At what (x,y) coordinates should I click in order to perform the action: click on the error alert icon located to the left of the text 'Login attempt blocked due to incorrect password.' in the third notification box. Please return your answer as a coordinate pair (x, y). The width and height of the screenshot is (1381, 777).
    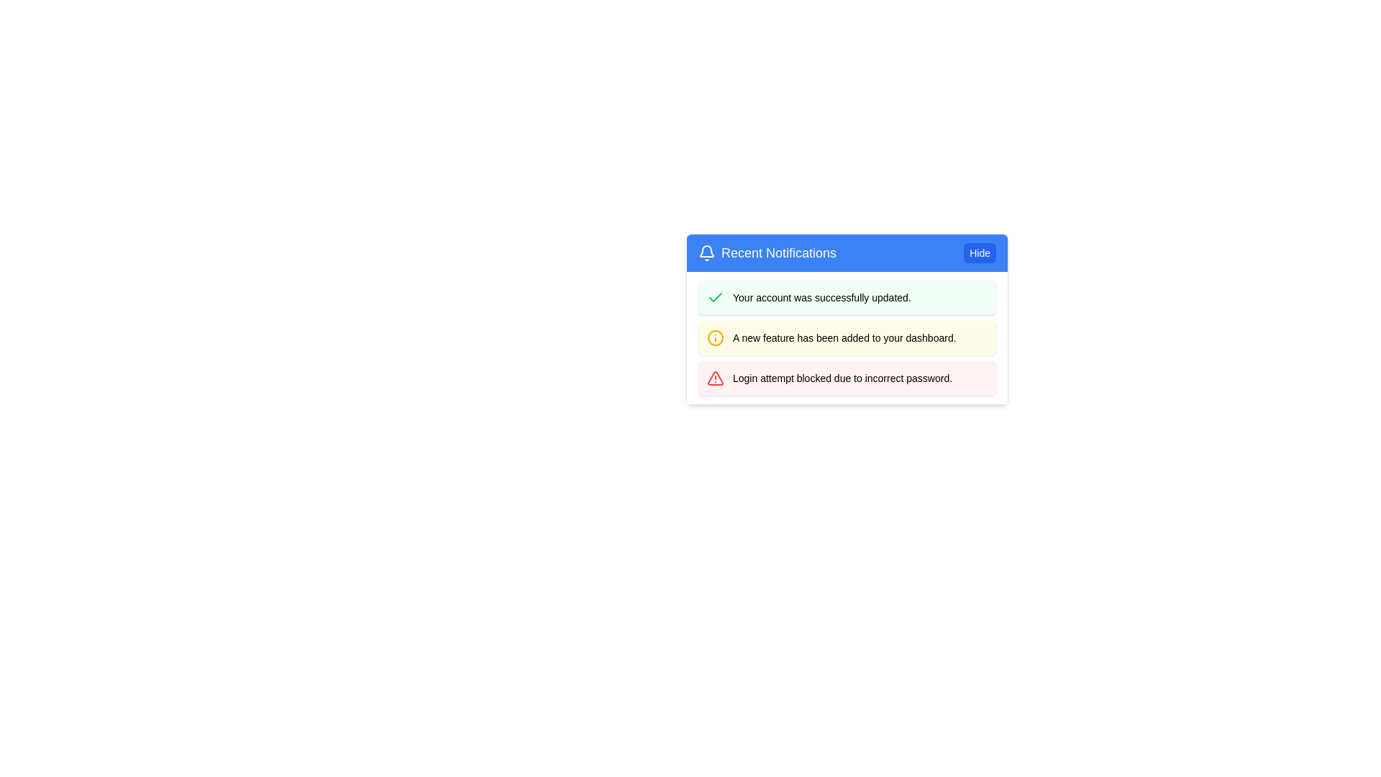
    Looking at the image, I should click on (715, 377).